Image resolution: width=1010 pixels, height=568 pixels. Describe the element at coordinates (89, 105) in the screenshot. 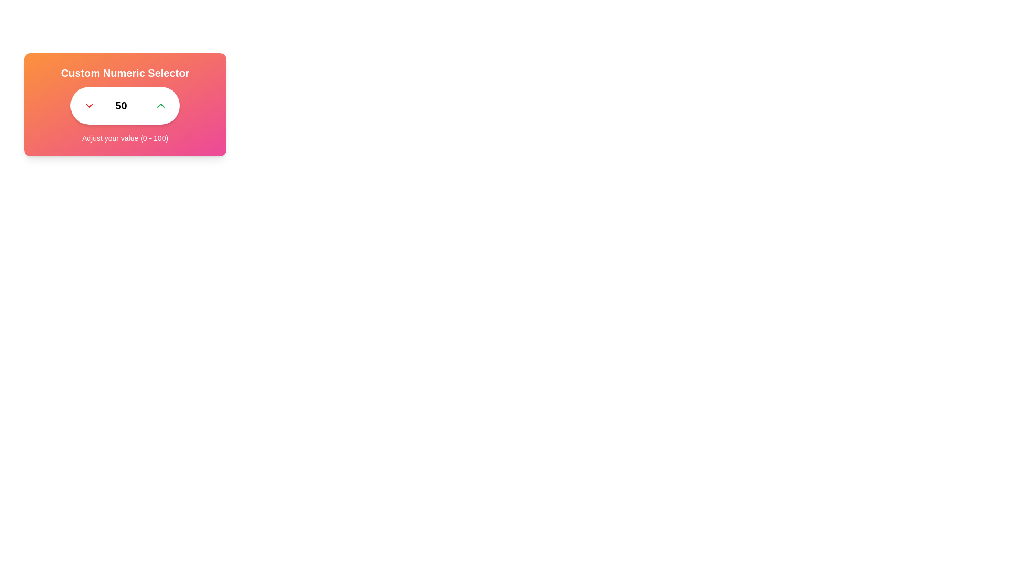

I see `the button with a downward arrow icon to decrease the numeric value displayed in the adjacent input field` at that location.